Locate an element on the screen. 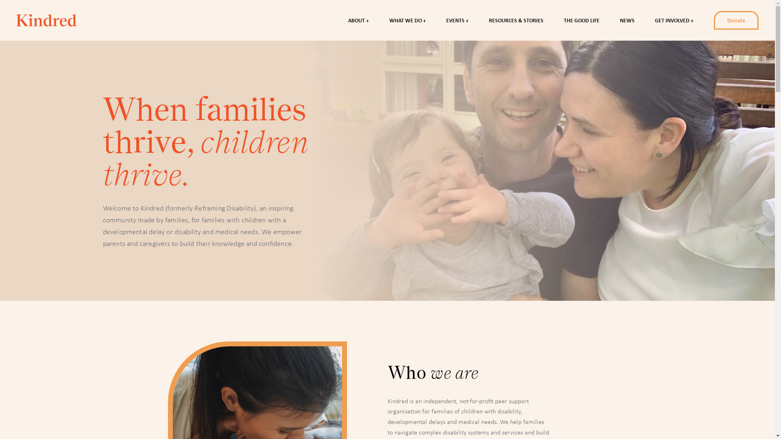 The width and height of the screenshot is (781, 439). 'Donate' is located at coordinates (736, 20).